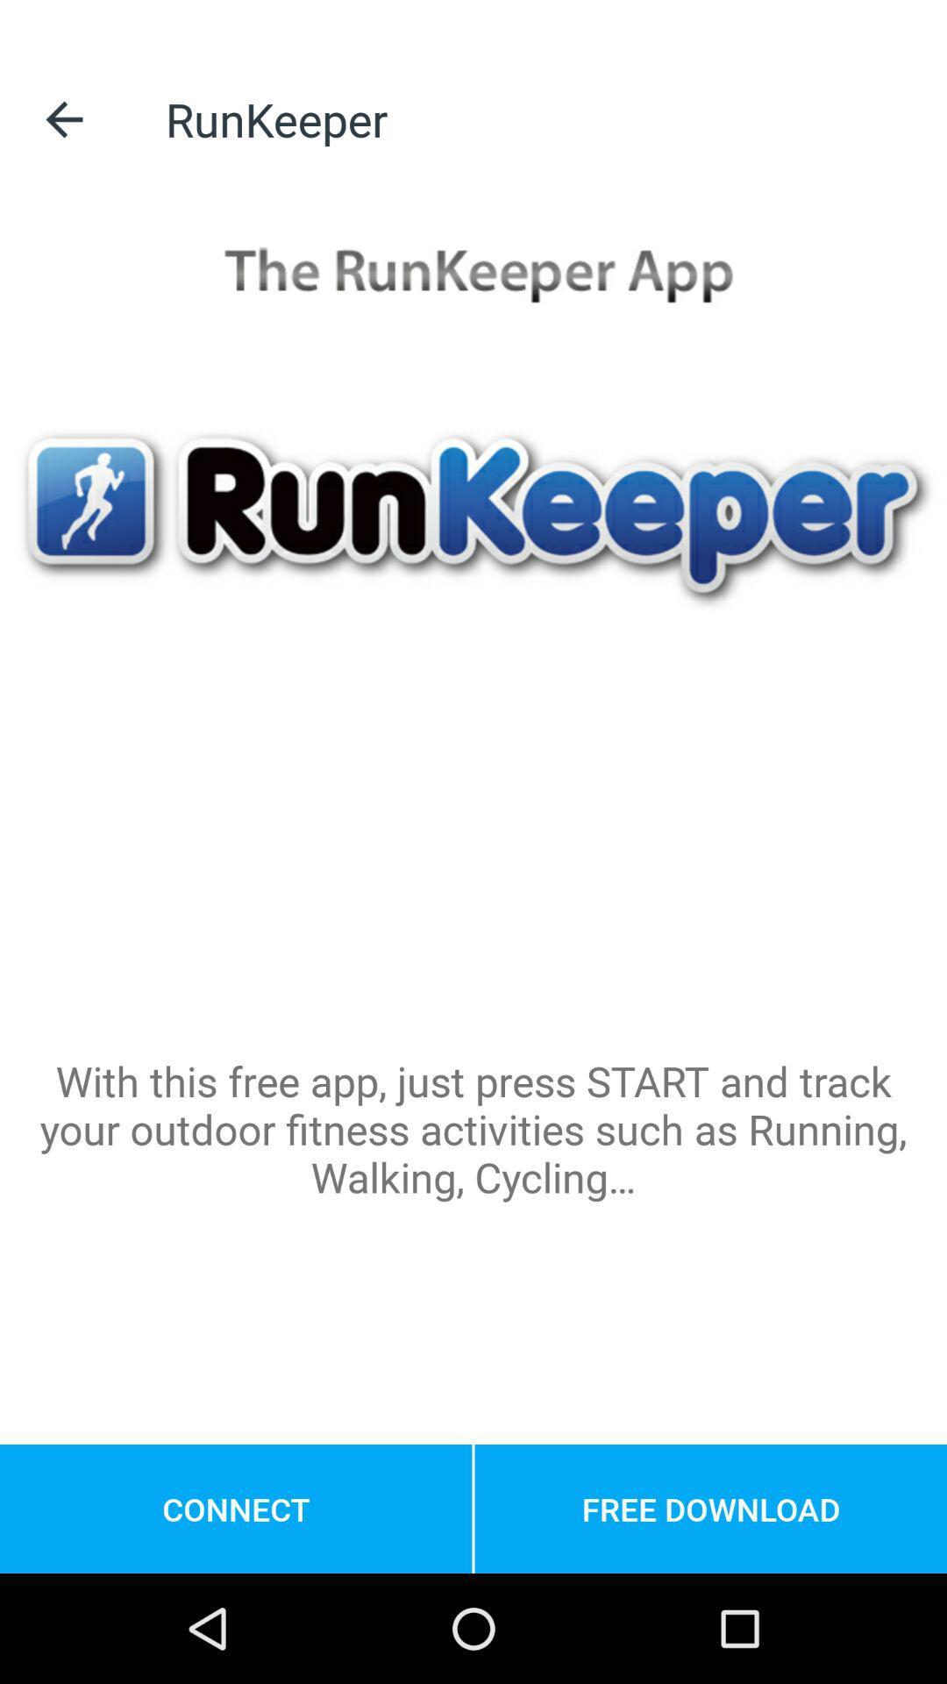 Image resolution: width=947 pixels, height=1684 pixels. Describe the element at coordinates (710, 1508) in the screenshot. I see `item at the bottom right corner` at that location.